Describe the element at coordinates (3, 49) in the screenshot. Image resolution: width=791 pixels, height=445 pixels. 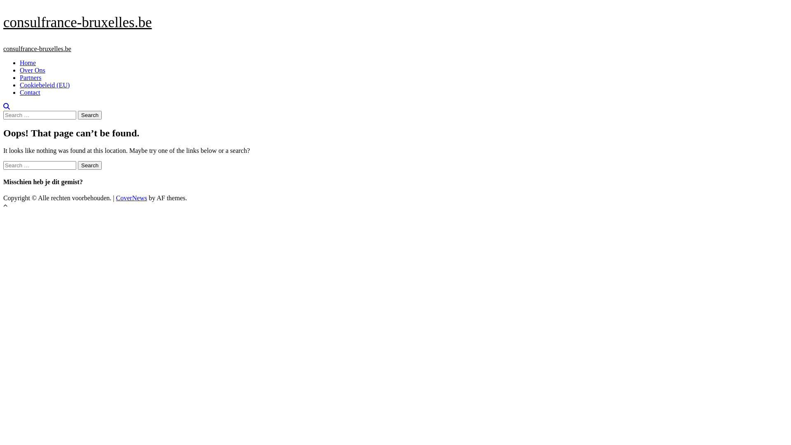
I see `'consulfrance-bruxelles.be'` at that location.